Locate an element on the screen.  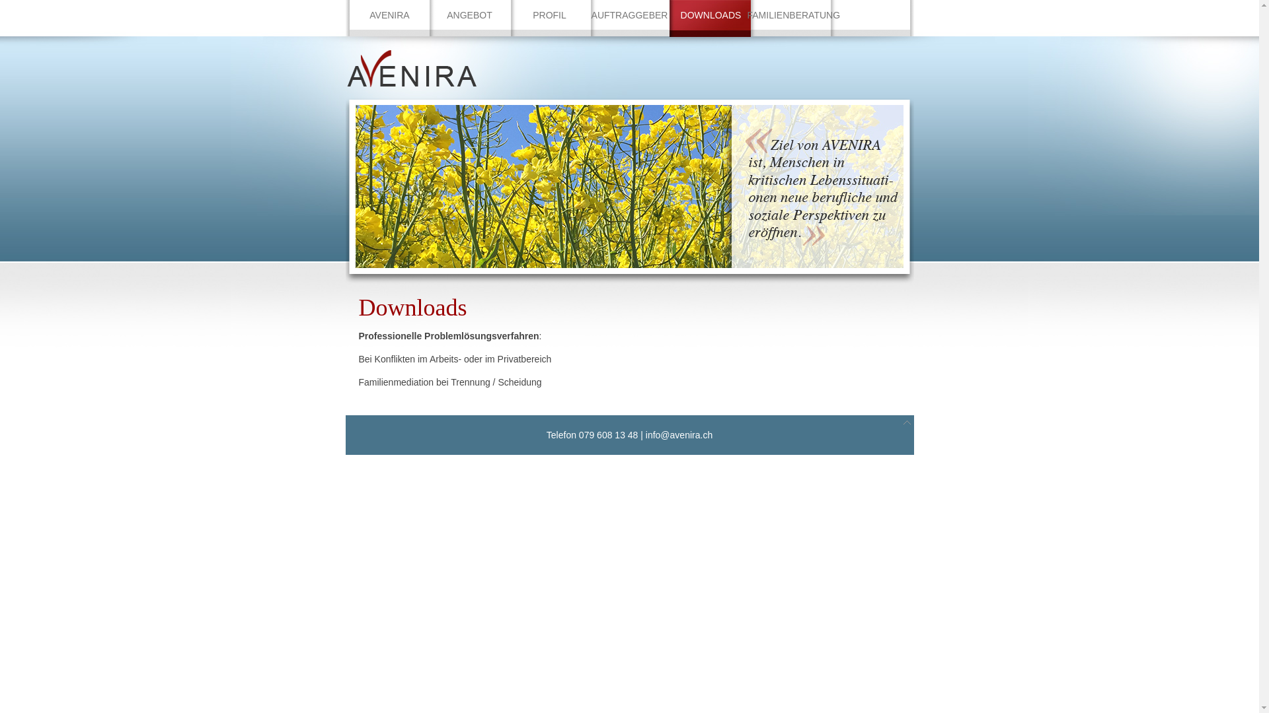
'PROFIL' is located at coordinates (549, 15).